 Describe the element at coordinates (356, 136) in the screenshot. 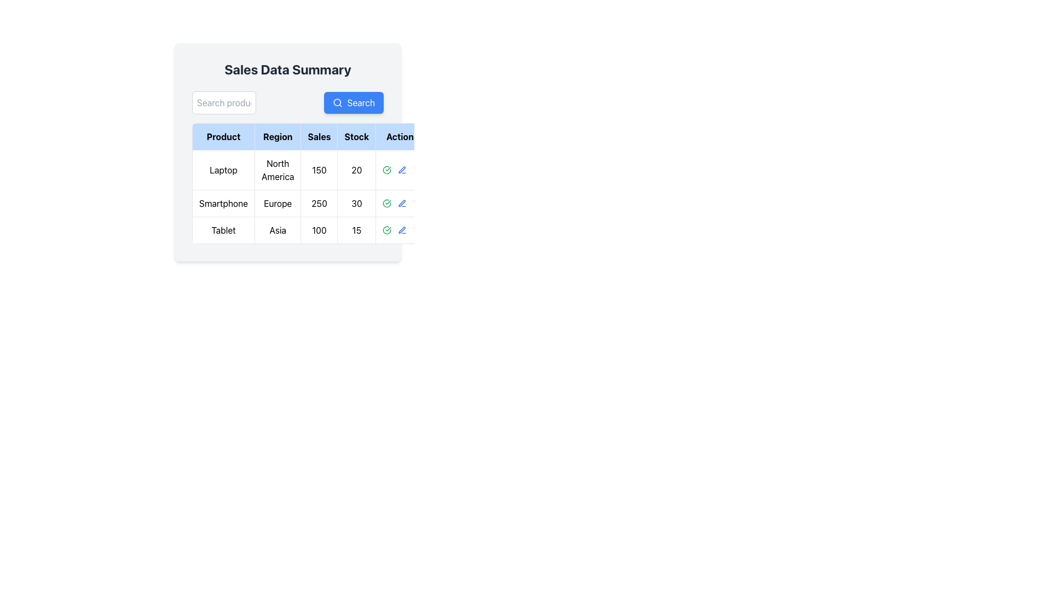

I see `the Table Header Cell labeled 'Stock', which is the fourth element in a horizontal sequence of header cells in a table, featuring a light blue background and bold black text` at that location.